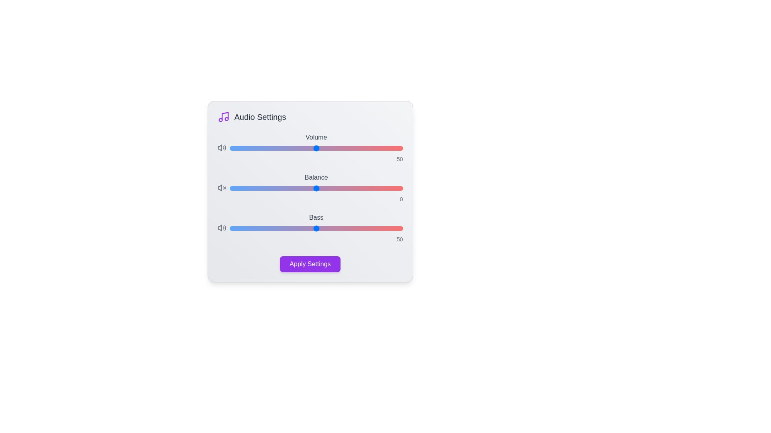 The height and width of the screenshot is (433, 771). Describe the element at coordinates (259, 148) in the screenshot. I see `the 'Volume' slider to set the volume level to 17` at that location.